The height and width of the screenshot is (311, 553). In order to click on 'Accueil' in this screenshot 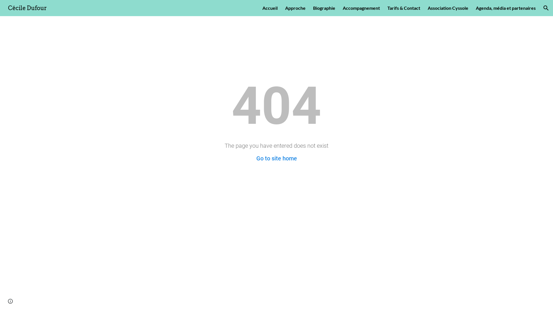, I will do `click(270, 8)`.